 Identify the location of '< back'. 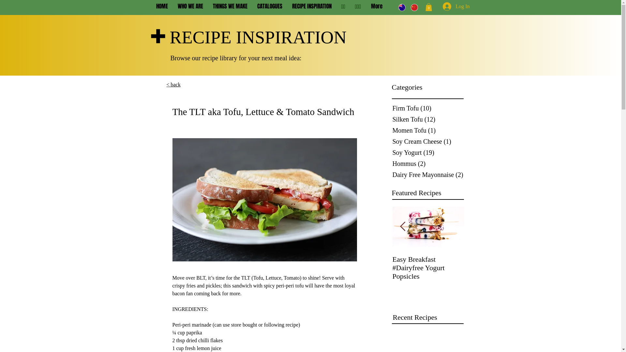
(173, 84).